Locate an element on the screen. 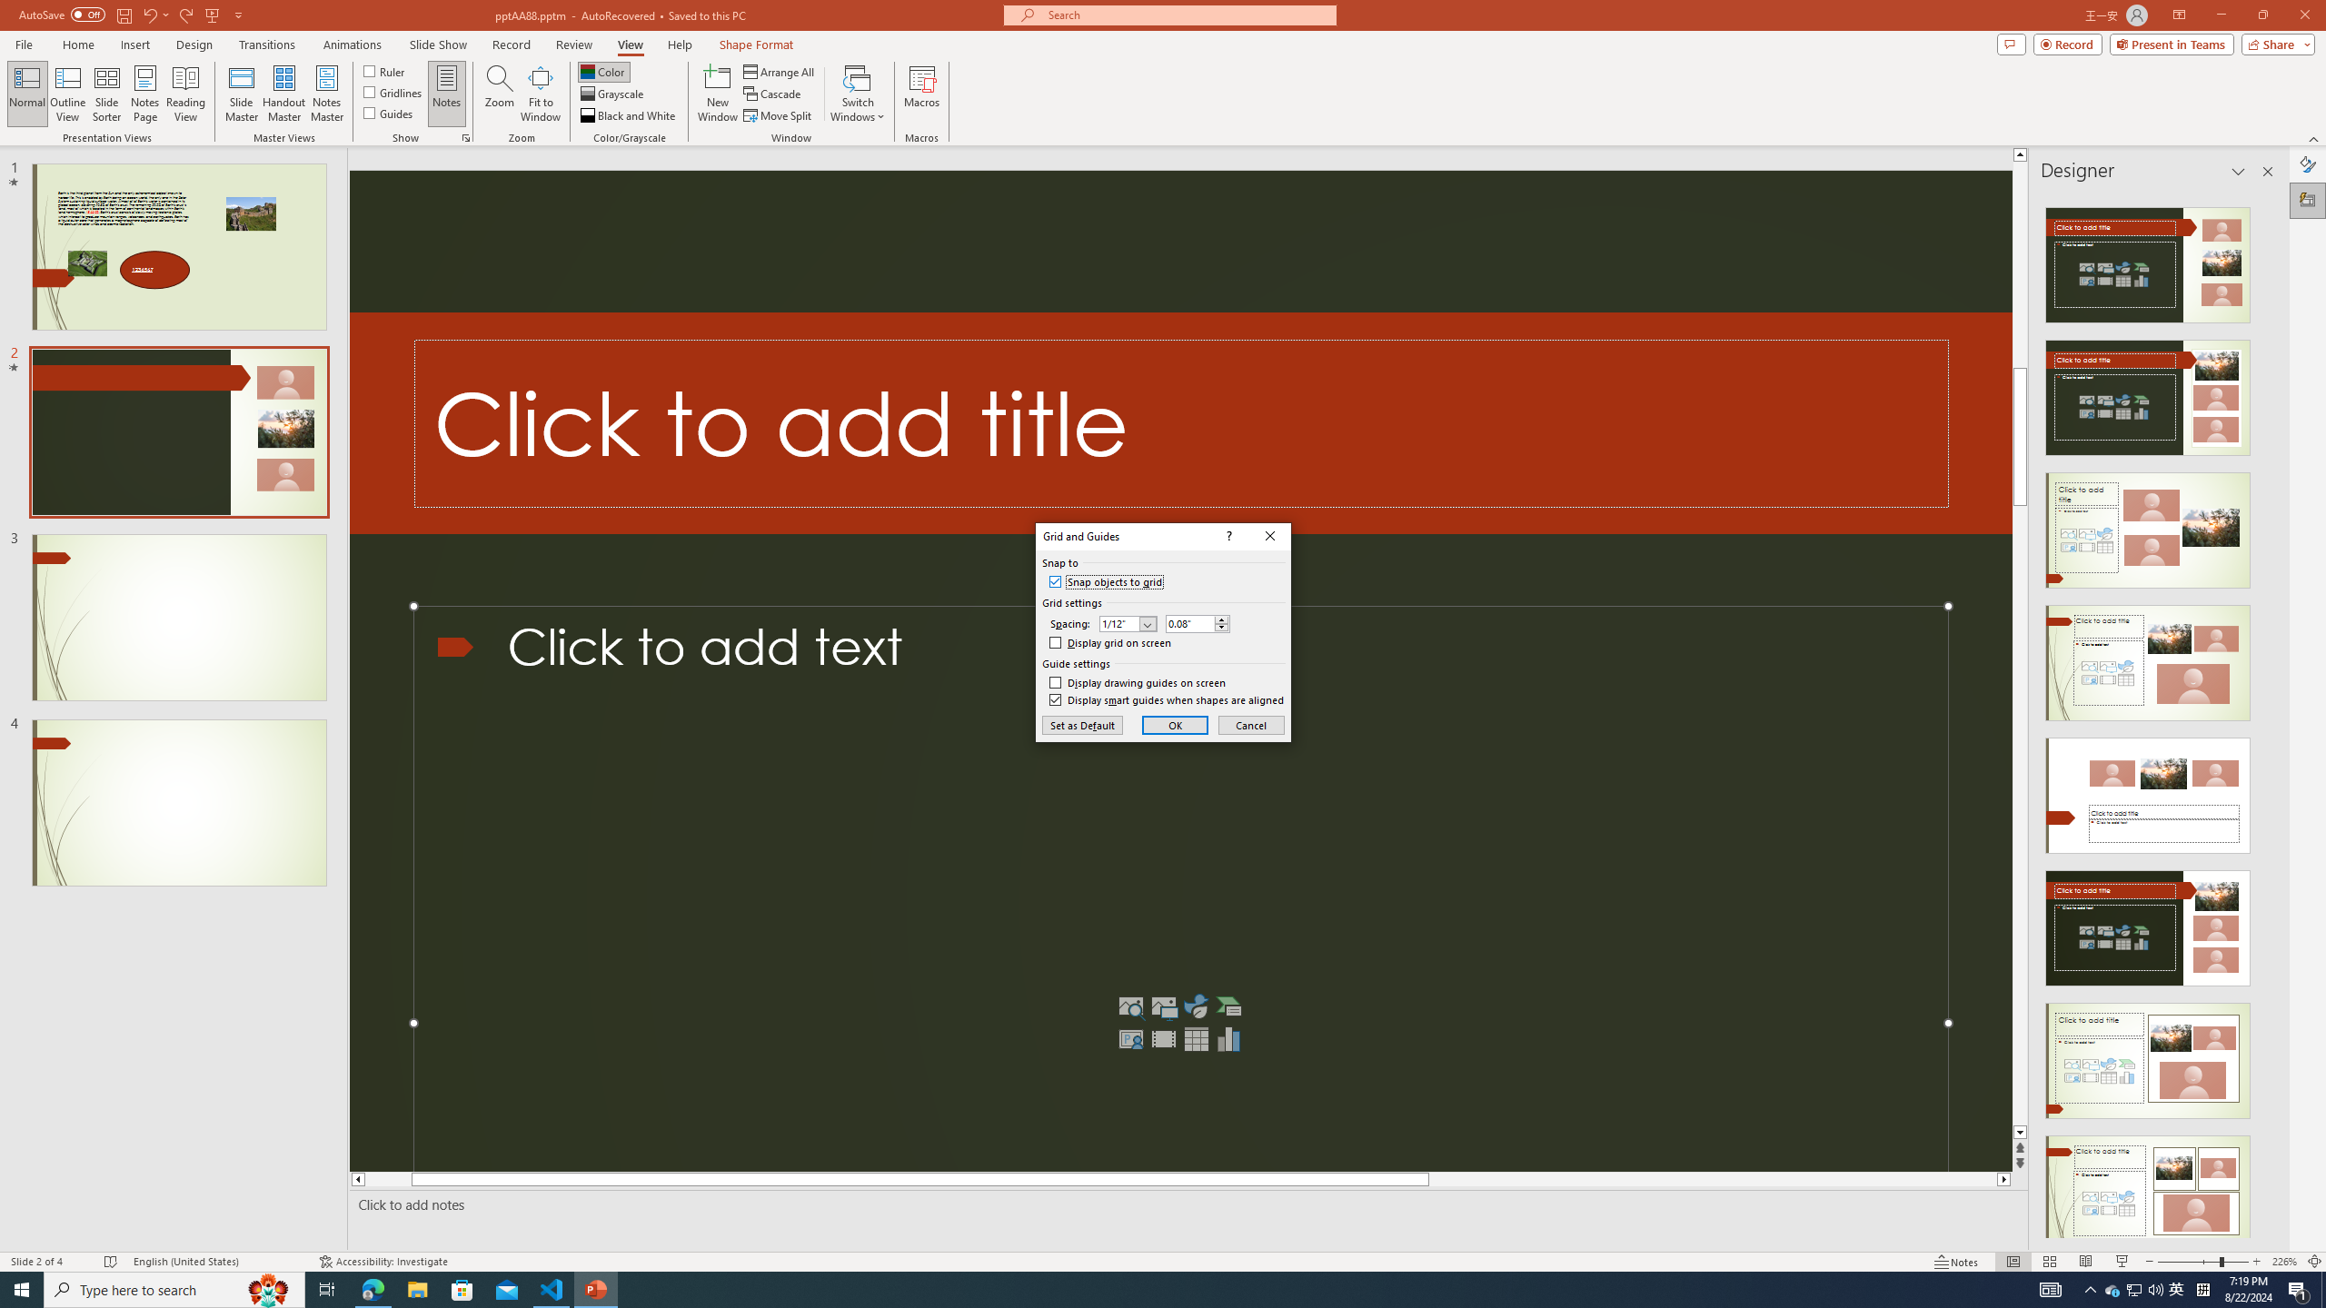 This screenshot has width=2326, height=1308. 'Switch Windows' is located at coordinates (857, 94).